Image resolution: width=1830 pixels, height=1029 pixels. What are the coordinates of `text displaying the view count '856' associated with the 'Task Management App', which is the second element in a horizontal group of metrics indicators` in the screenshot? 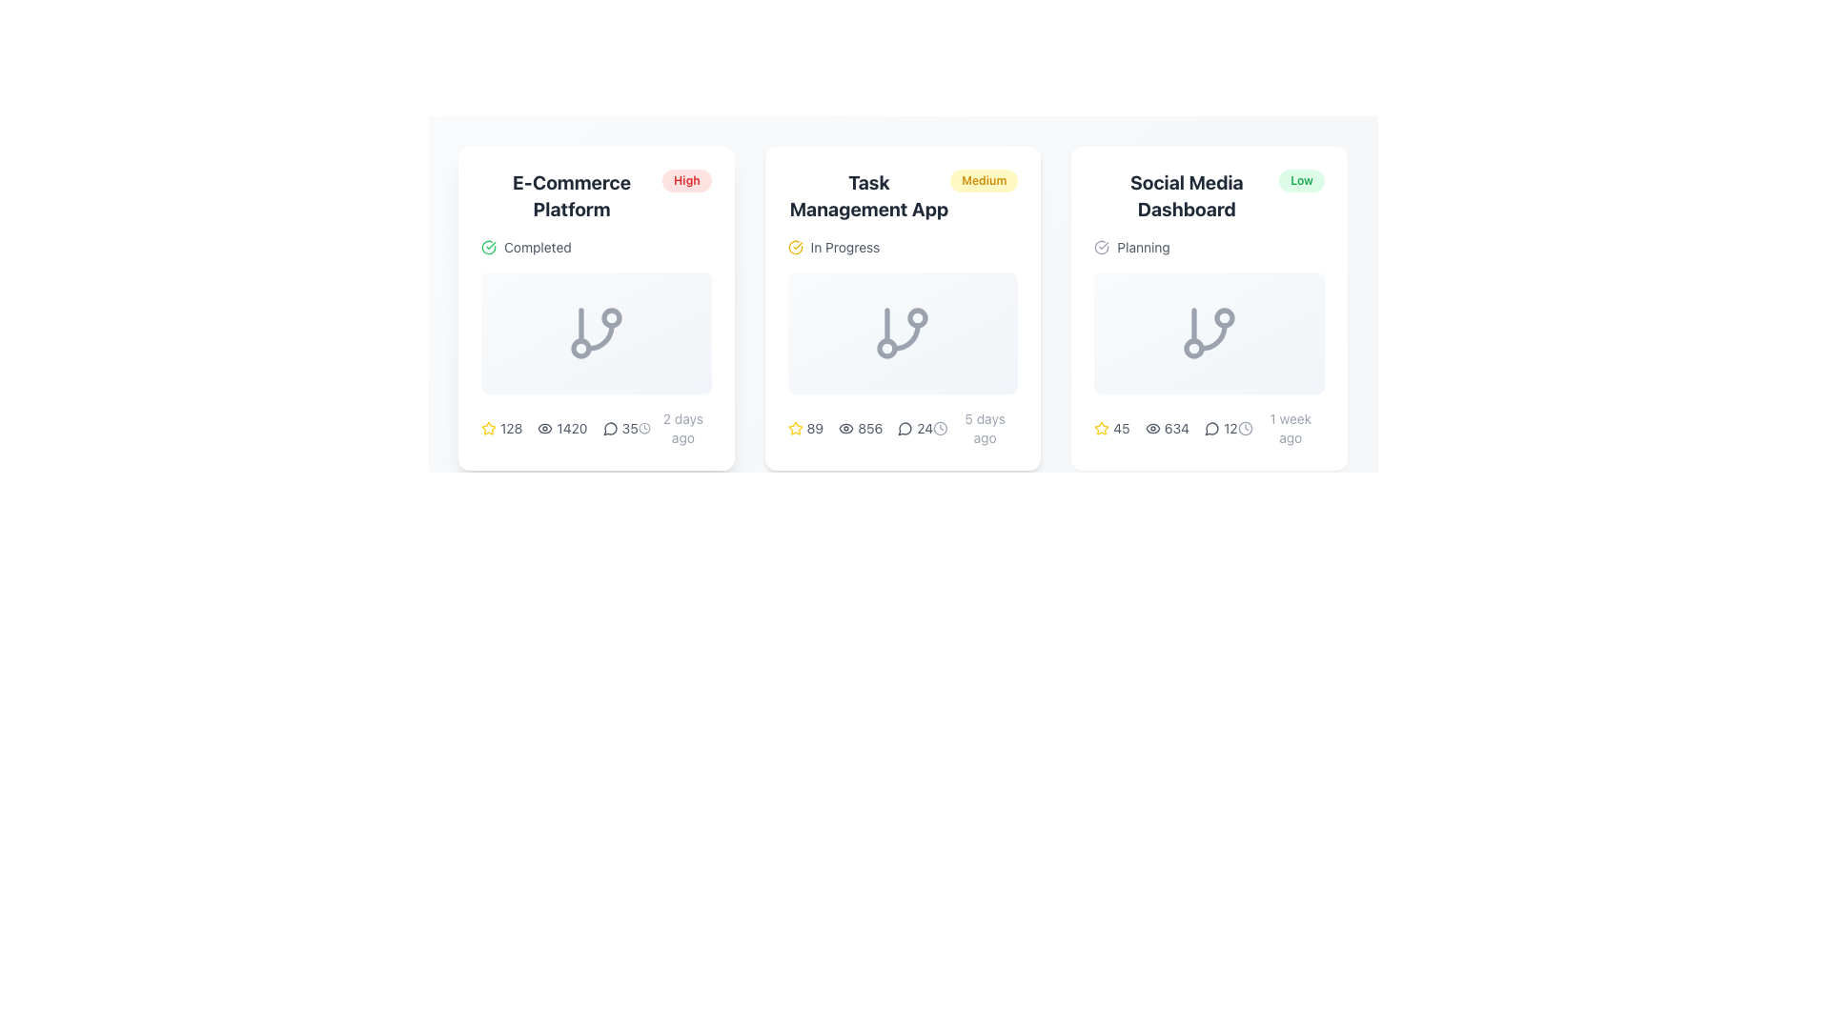 It's located at (859, 429).